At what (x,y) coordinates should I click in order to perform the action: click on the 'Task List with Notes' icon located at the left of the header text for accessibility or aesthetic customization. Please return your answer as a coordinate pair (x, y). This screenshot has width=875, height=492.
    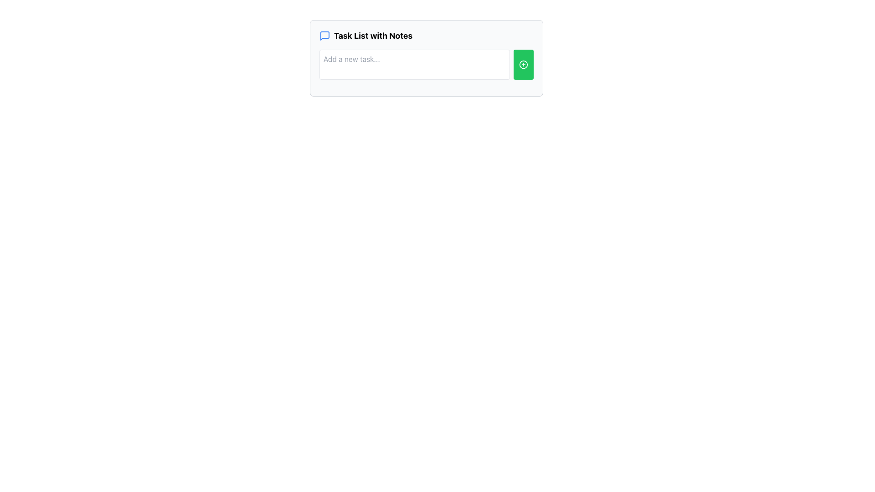
    Looking at the image, I should click on (325, 35).